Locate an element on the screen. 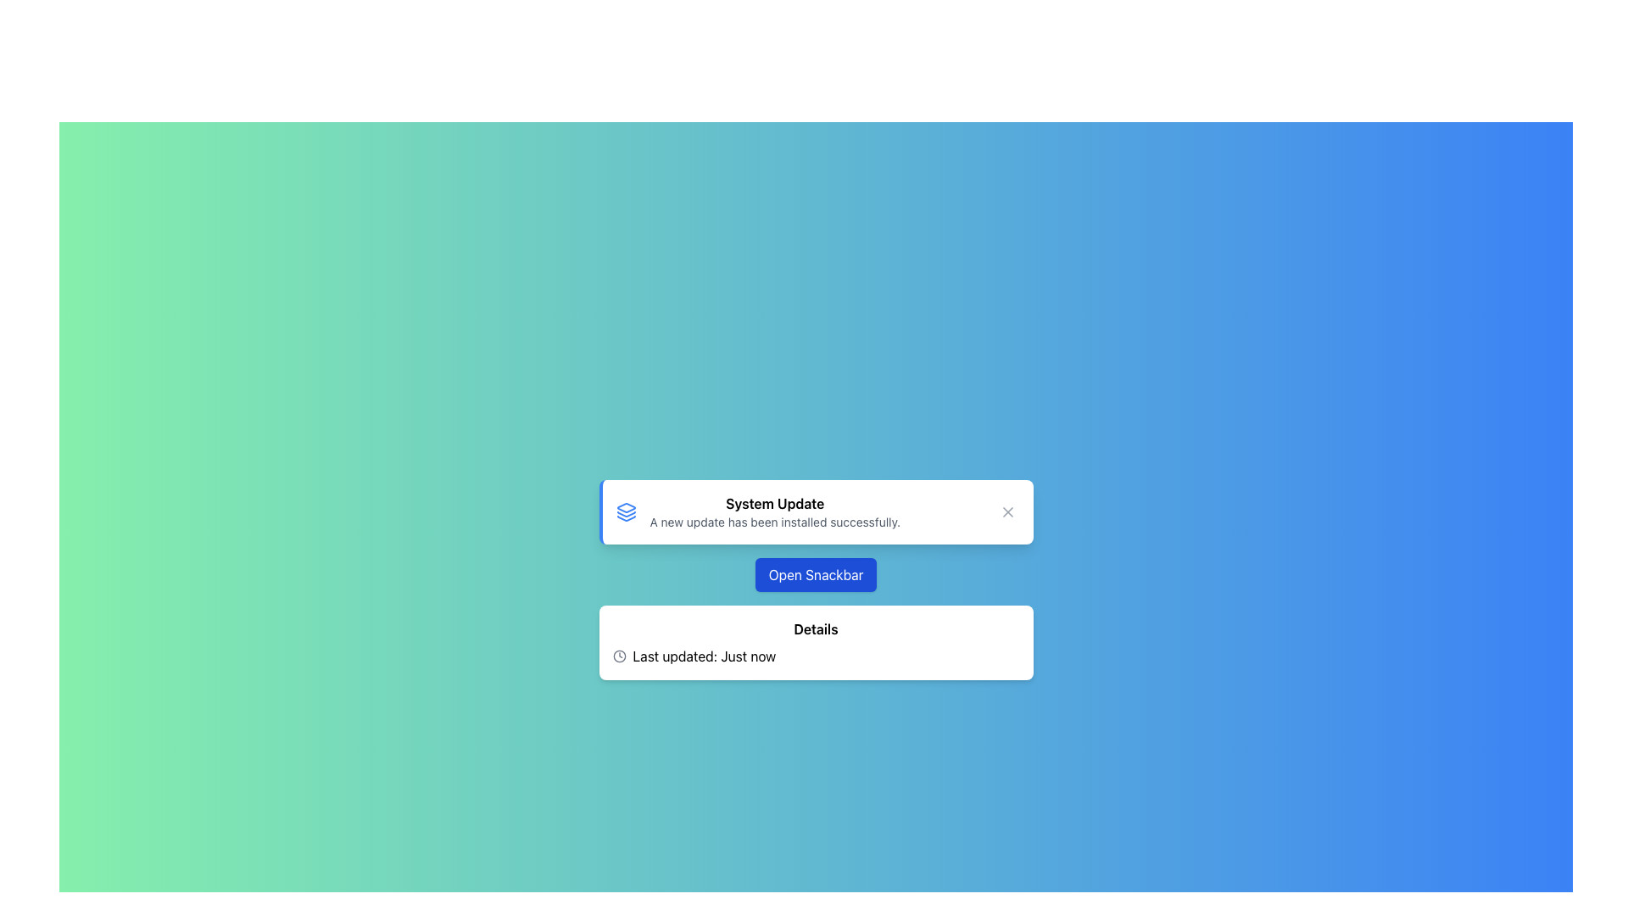  the primary action button located centrally below the 'System Update' message box is located at coordinates (816, 574).